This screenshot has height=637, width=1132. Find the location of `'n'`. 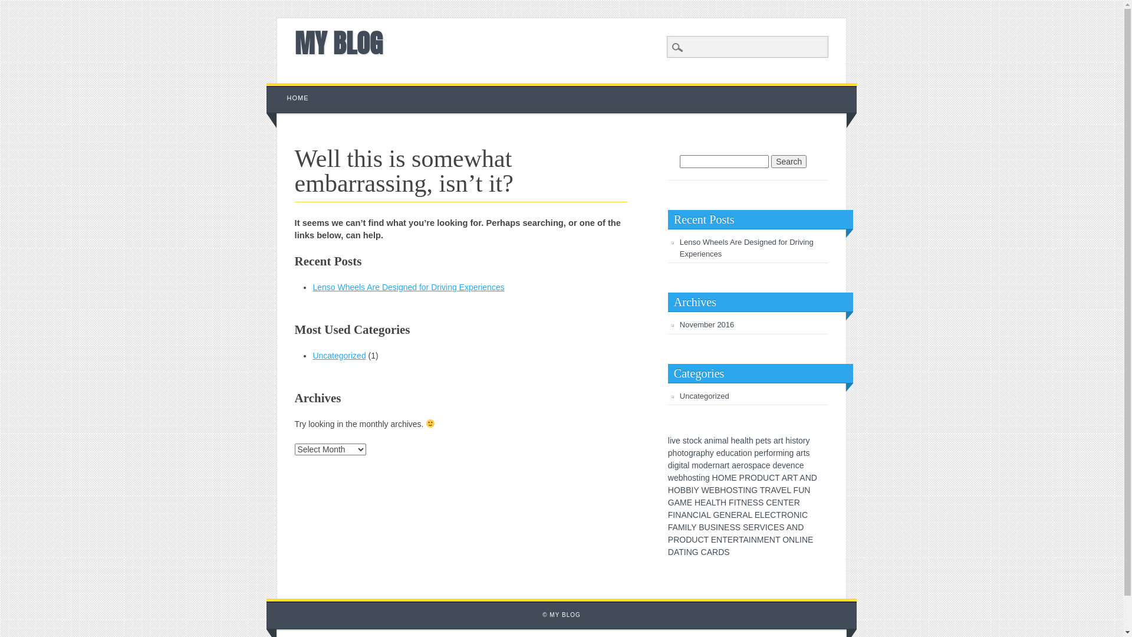

'n' is located at coordinates (702, 478).